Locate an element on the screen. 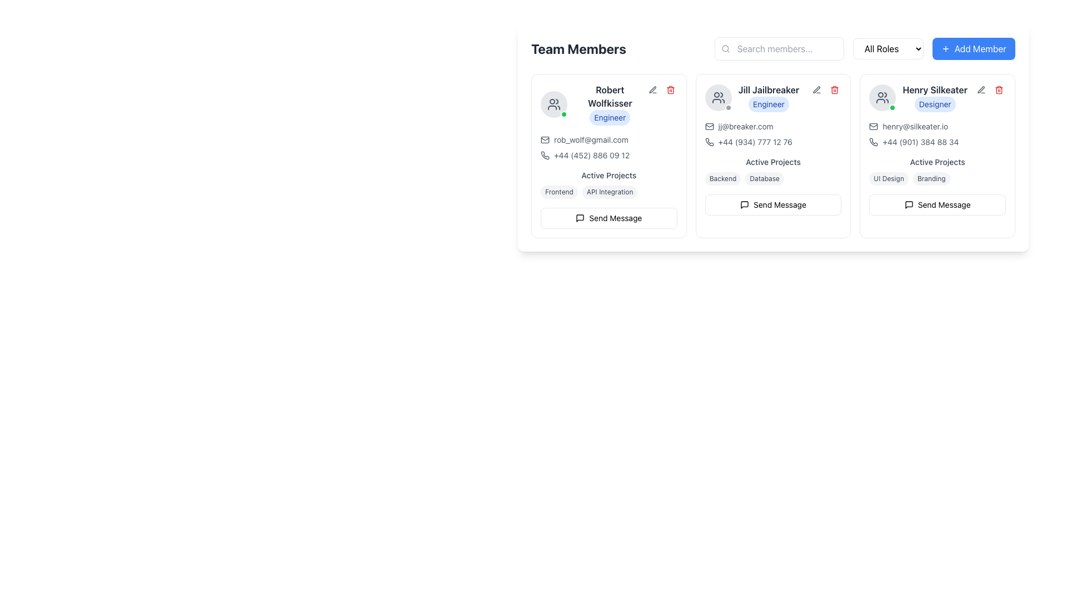 The height and width of the screenshot is (600, 1067). the Badge or Label indicating the role of 'Robert Wolfkisser' located directly below their name in the 'Team Members' section is located at coordinates (609, 118).